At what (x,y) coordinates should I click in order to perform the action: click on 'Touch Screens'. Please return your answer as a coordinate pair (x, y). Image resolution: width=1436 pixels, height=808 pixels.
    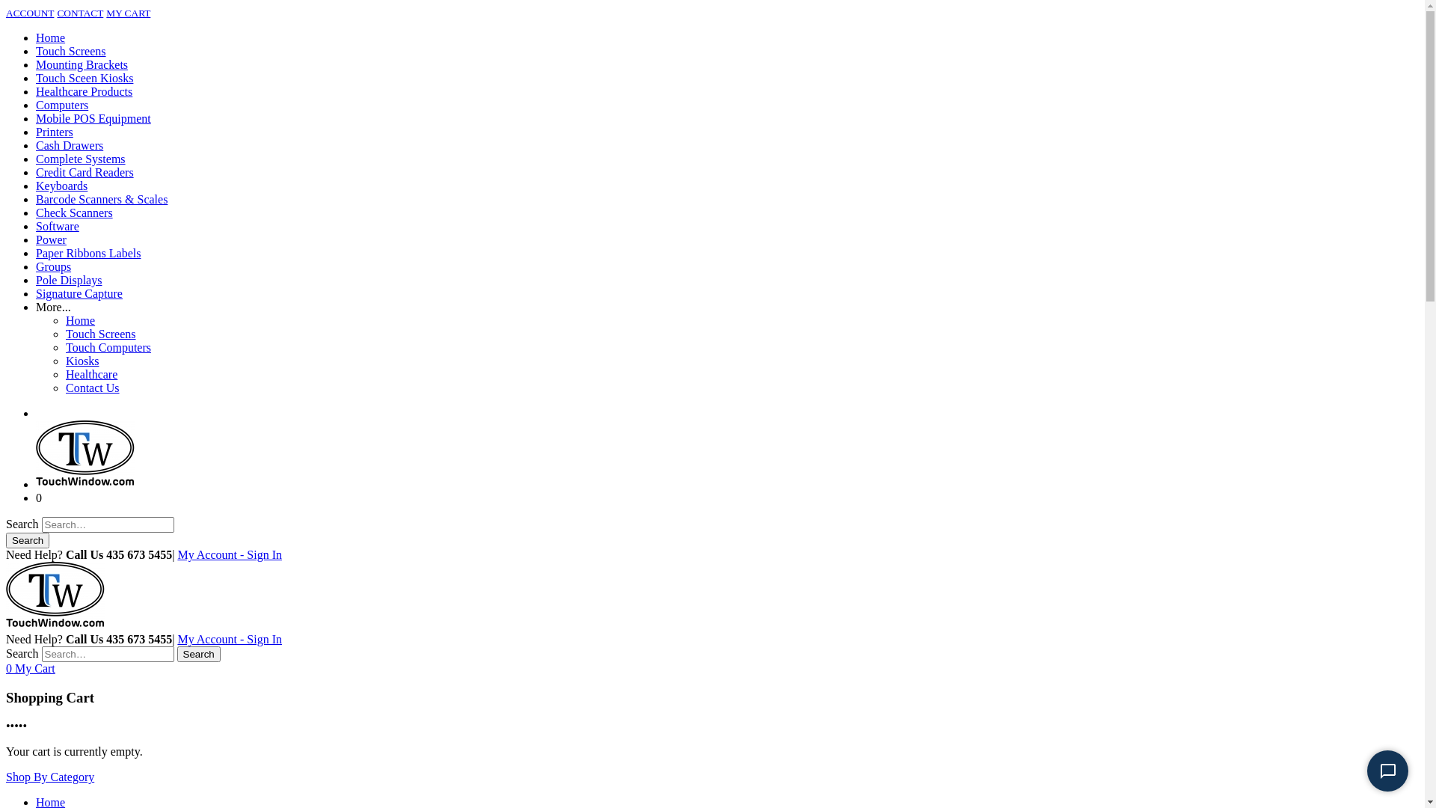
    Looking at the image, I should click on (99, 333).